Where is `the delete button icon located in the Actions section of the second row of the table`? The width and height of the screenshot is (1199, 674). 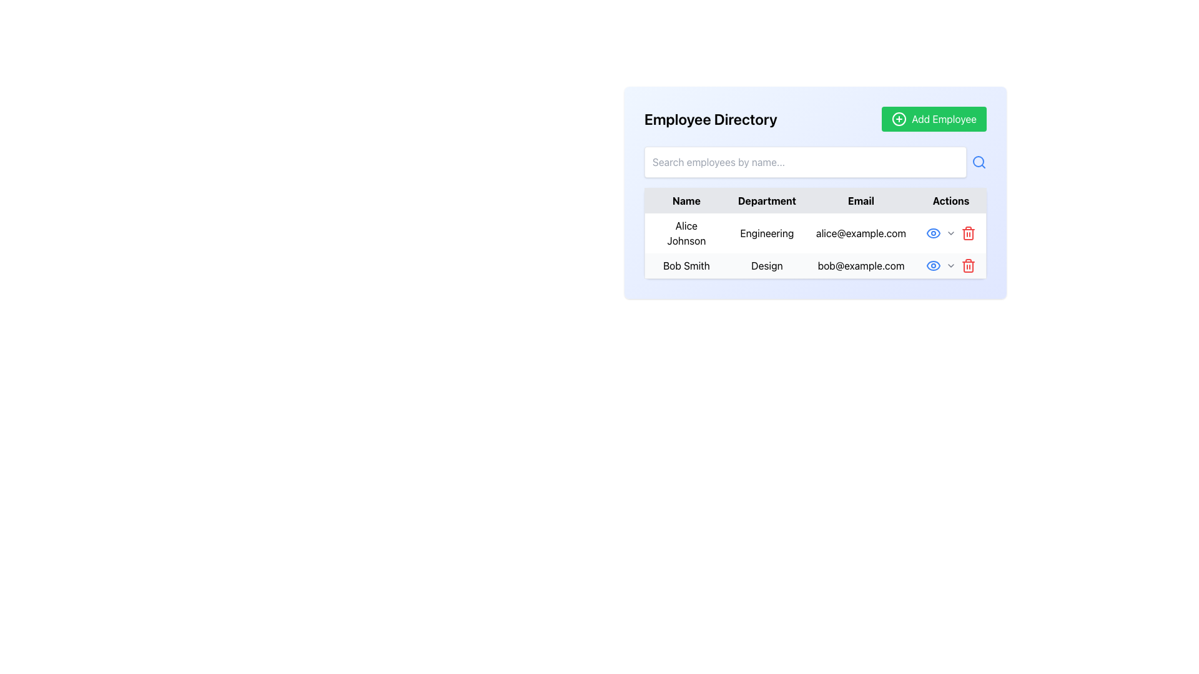
the delete button icon located in the Actions section of the second row of the table is located at coordinates (967, 233).